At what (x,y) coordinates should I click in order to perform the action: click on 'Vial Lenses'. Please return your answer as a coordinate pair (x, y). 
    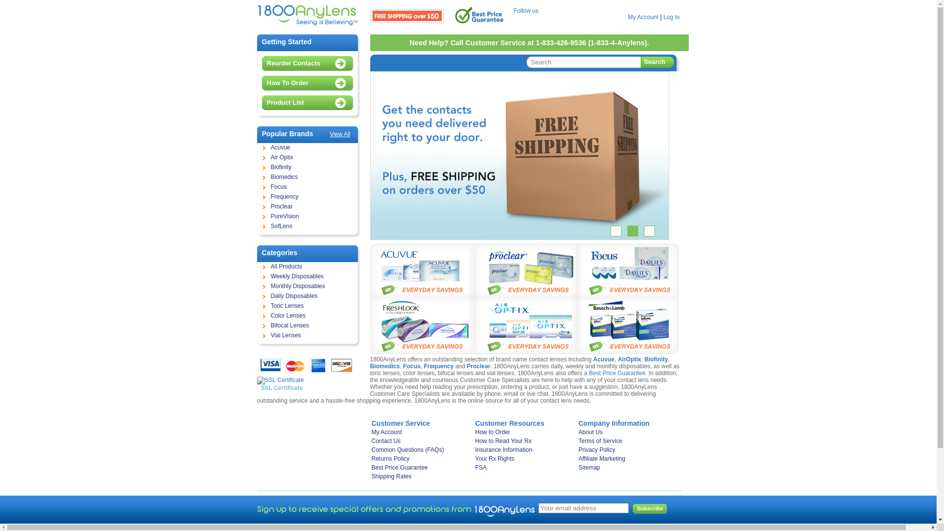
    Looking at the image, I should click on (307, 335).